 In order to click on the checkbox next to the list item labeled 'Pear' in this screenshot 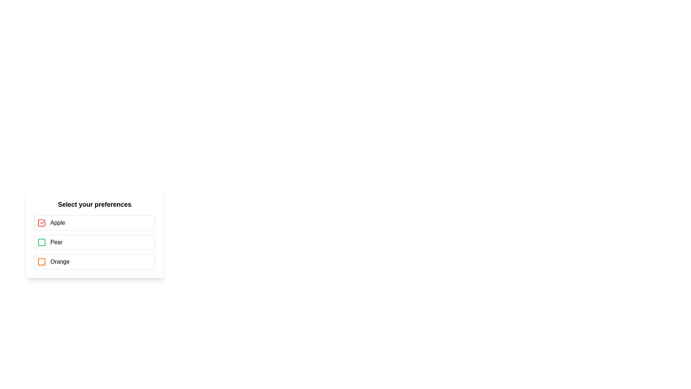, I will do `click(94, 242)`.